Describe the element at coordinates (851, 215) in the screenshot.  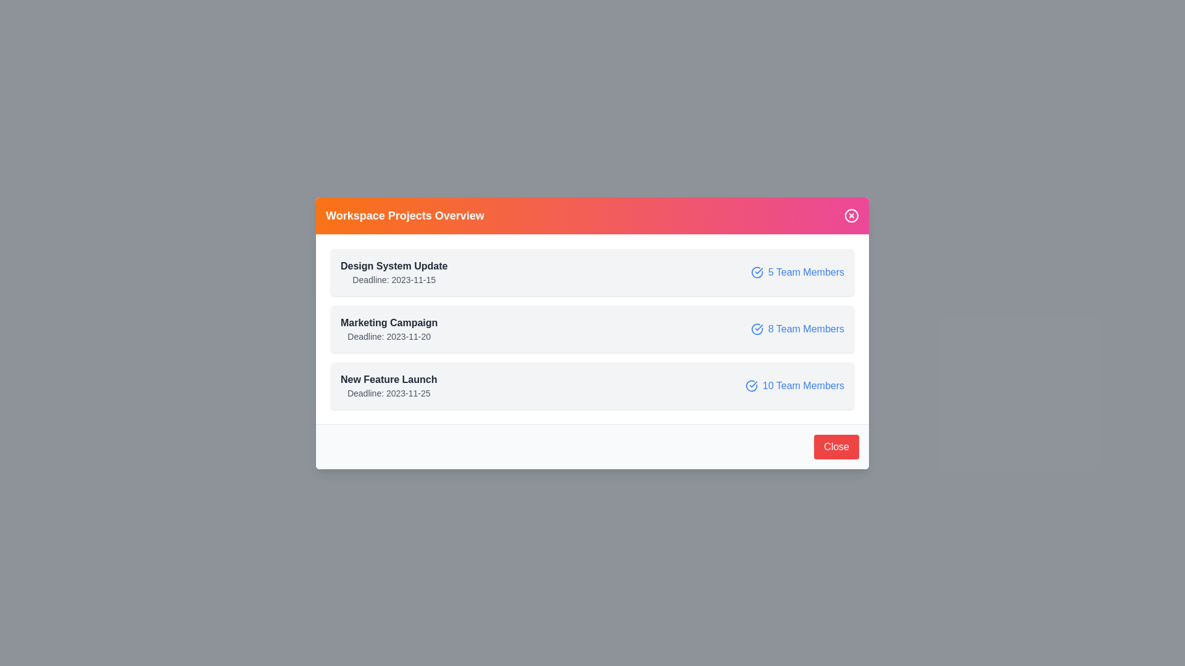
I see `the close button in the header to close the dialog` at that location.